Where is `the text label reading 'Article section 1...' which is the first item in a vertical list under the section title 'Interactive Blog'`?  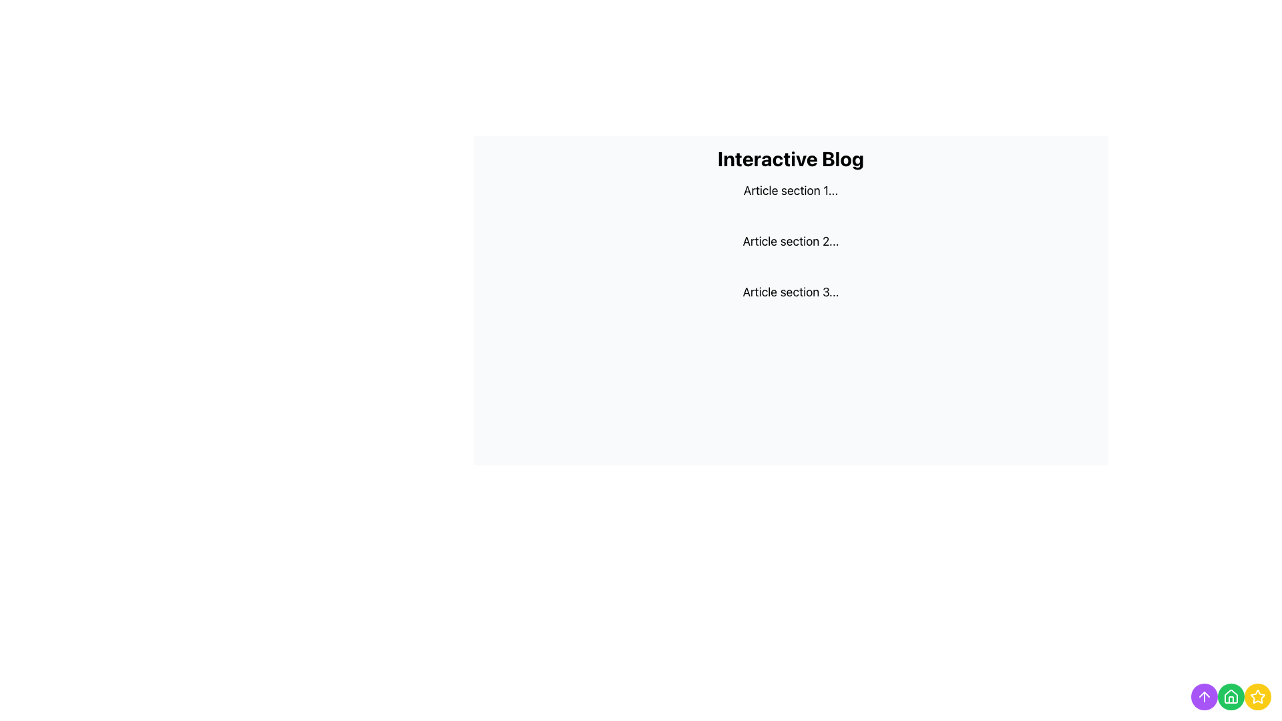
the text label reading 'Article section 1...' which is the first item in a vertical list under the section title 'Interactive Blog' is located at coordinates (791, 190).